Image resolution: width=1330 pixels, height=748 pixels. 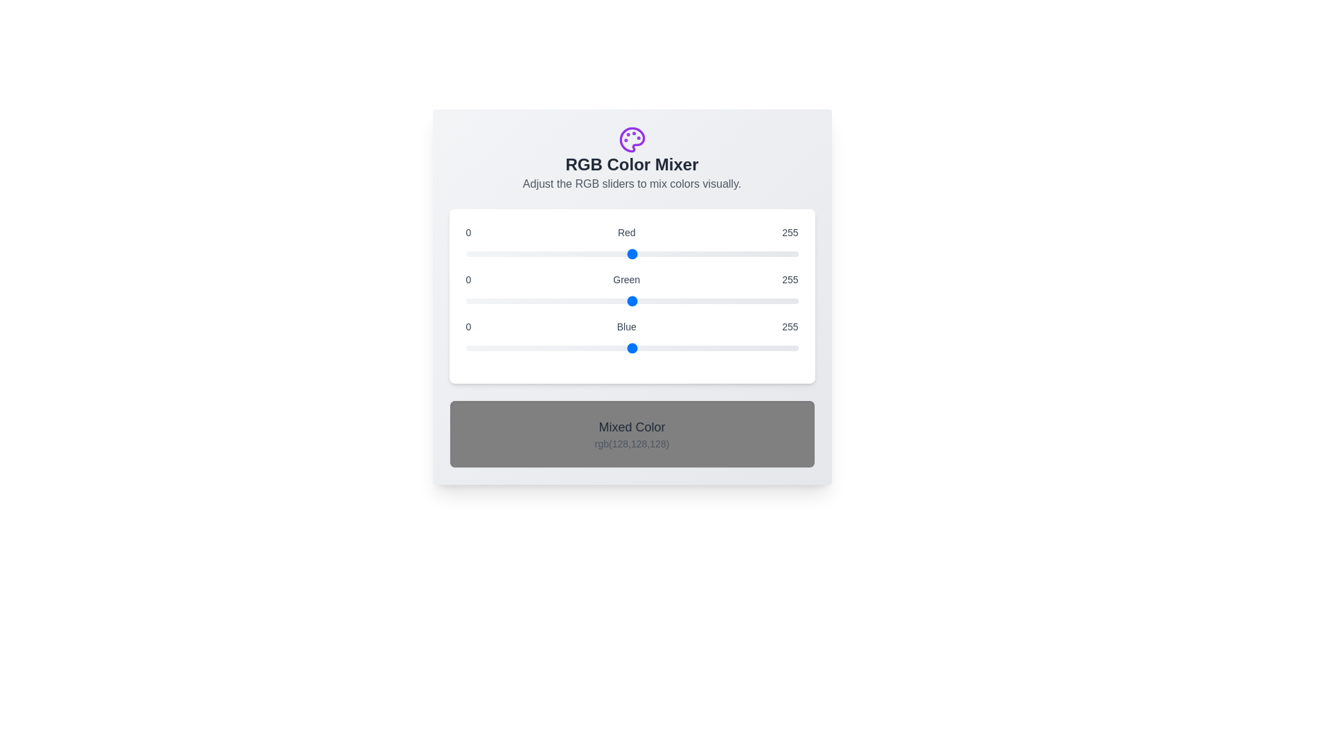 I want to click on the blue slider to a specific value 203 within the range 0 to 255, so click(x=729, y=347).